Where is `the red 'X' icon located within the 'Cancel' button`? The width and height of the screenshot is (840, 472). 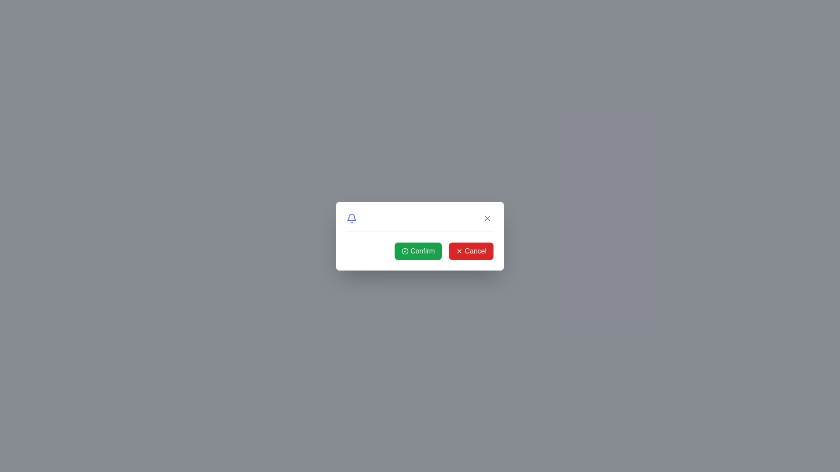
the red 'X' icon located within the 'Cancel' button is located at coordinates (459, 251).